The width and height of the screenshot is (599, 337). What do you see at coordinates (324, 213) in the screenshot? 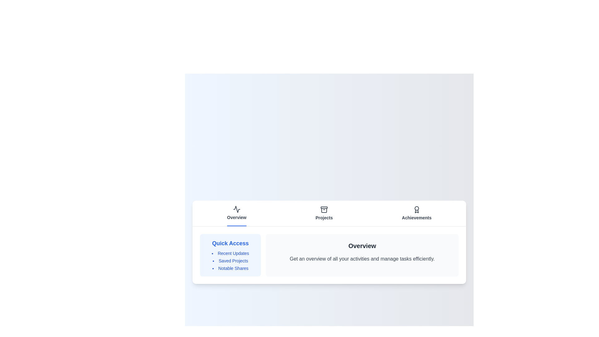
I see `the Projects tab to view its content` at bounding box center [324, 213].